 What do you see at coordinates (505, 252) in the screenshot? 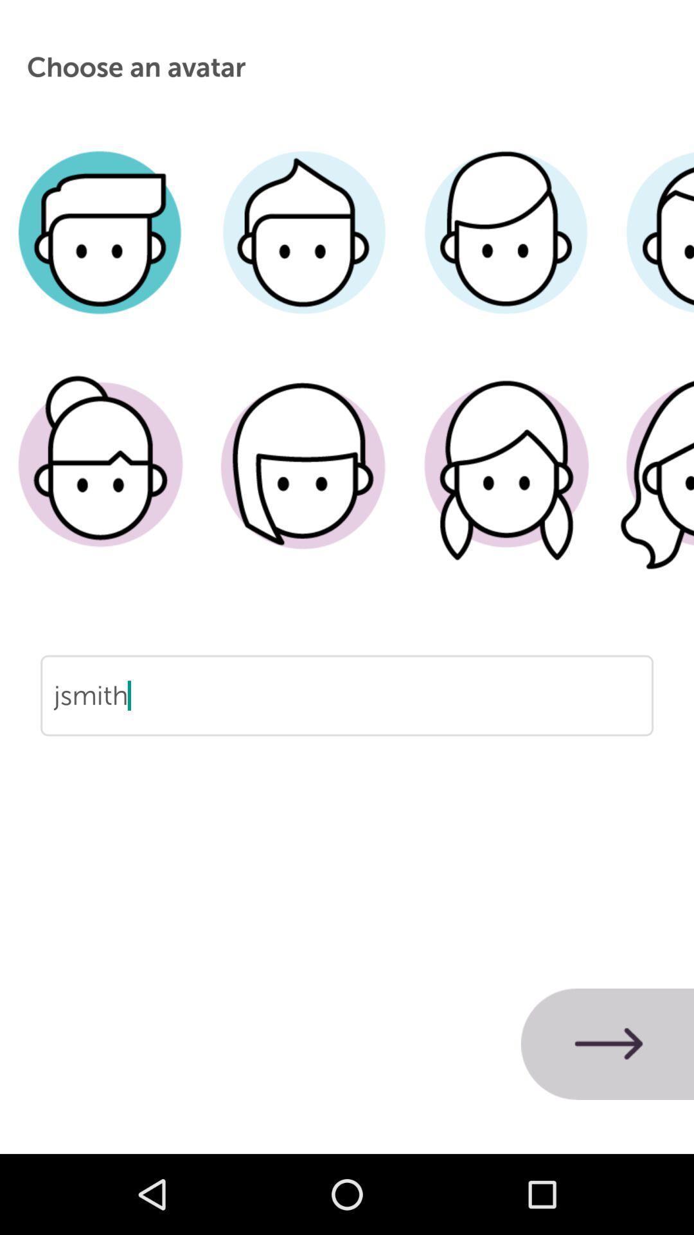
I see `choose avatar` at bounding box center [505, 252].